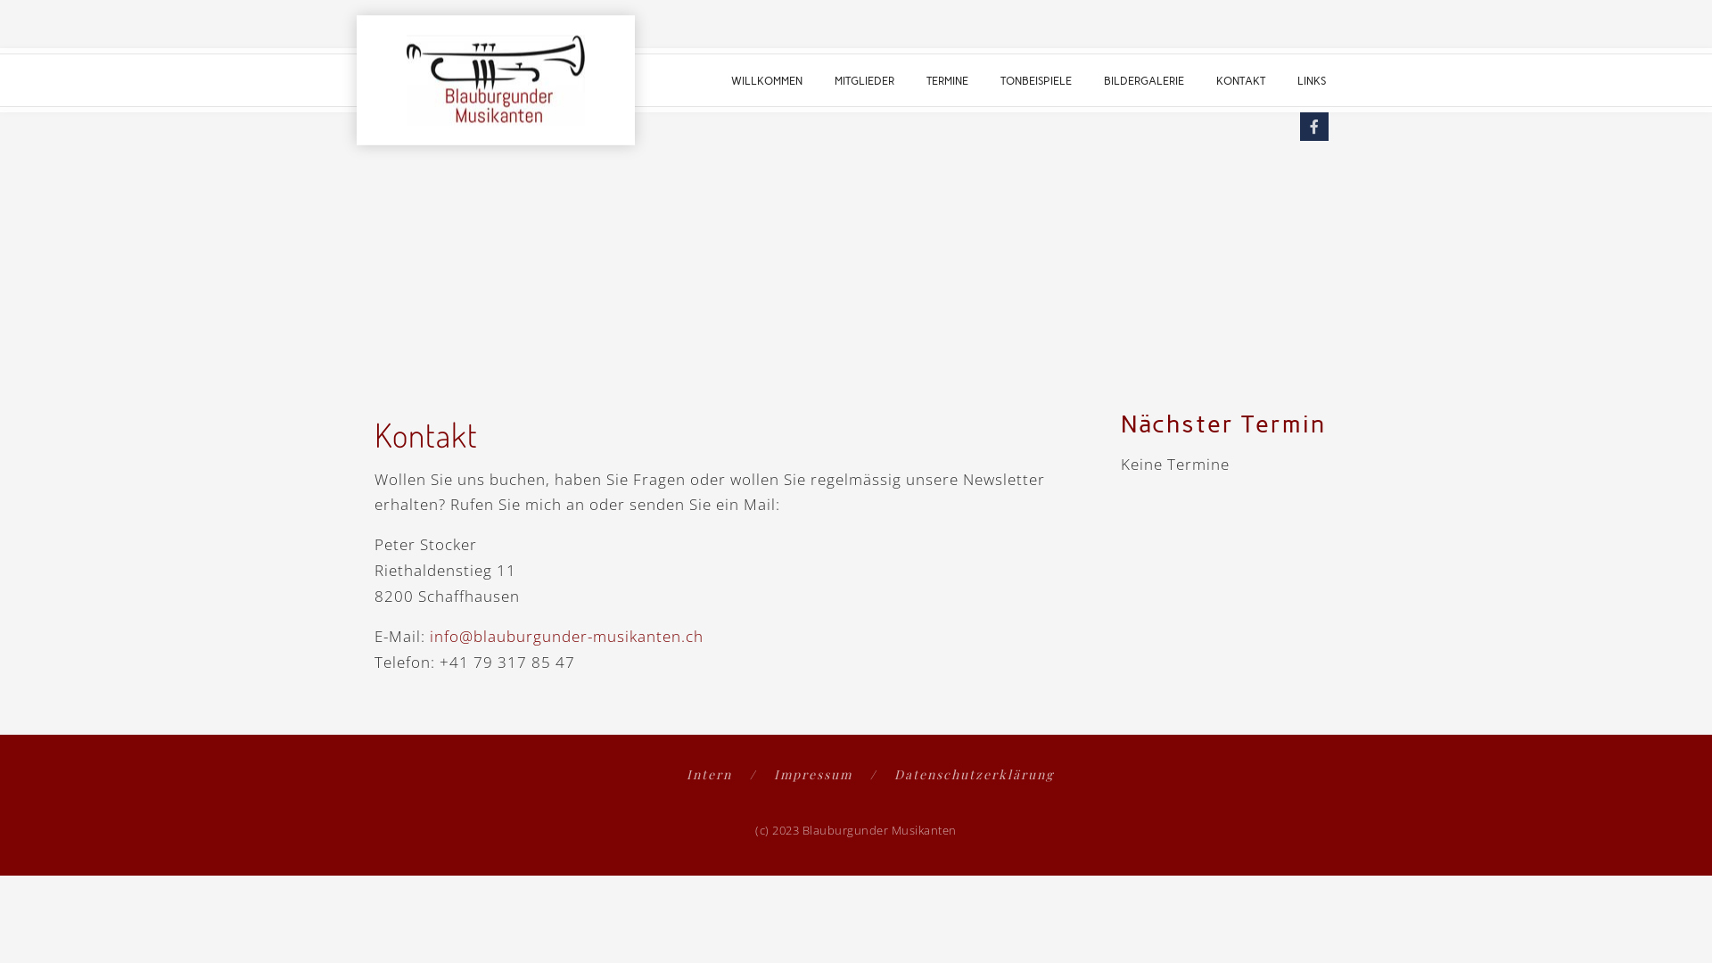 The height and width of the screenshot is (963, 1712). What do you see at coordinates (565, 635) in the screenshot?
I see `'info@blauburgunder-musikanten.ch'` at bounding box center [565, 635].